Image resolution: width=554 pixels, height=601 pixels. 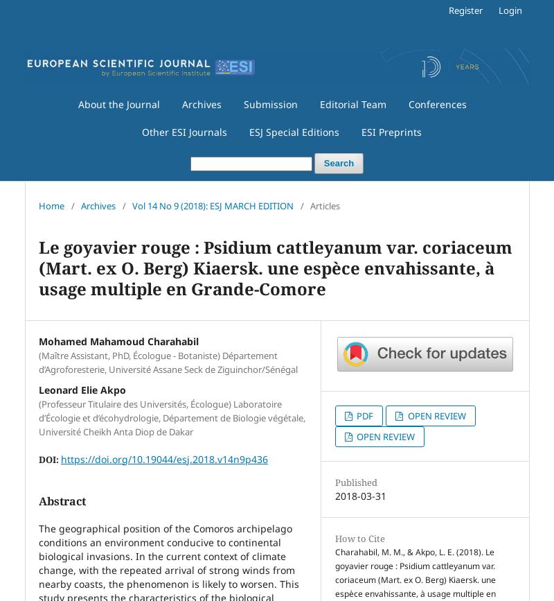 What do you see at coordinates (171, 416) in the screenshot?
I see `'(Professeur Titulaire des Universités, Écologue)
Laboratoire d’Écologie et d’écohydrologie,
Département de Biologie végétale, Université Cheikh Anta Diop de Dakar'` at bounding box center [171, 416].